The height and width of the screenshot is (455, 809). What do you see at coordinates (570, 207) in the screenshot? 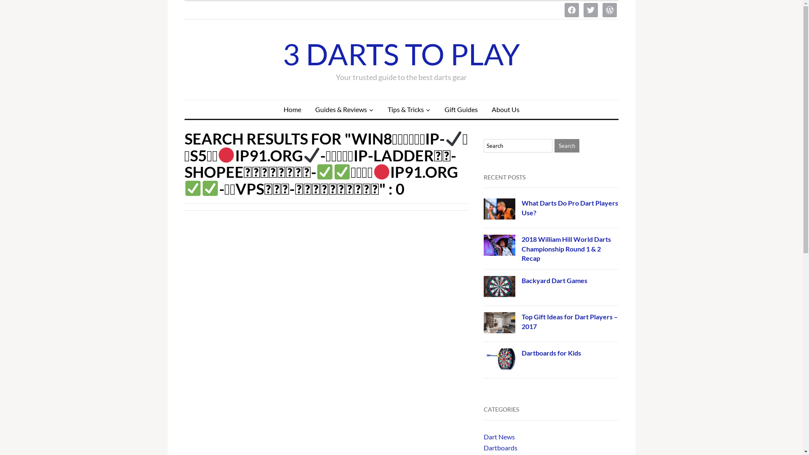
I see `'What Darts Do Pro Dart Players Use?'` at bounding box center [570, 207].